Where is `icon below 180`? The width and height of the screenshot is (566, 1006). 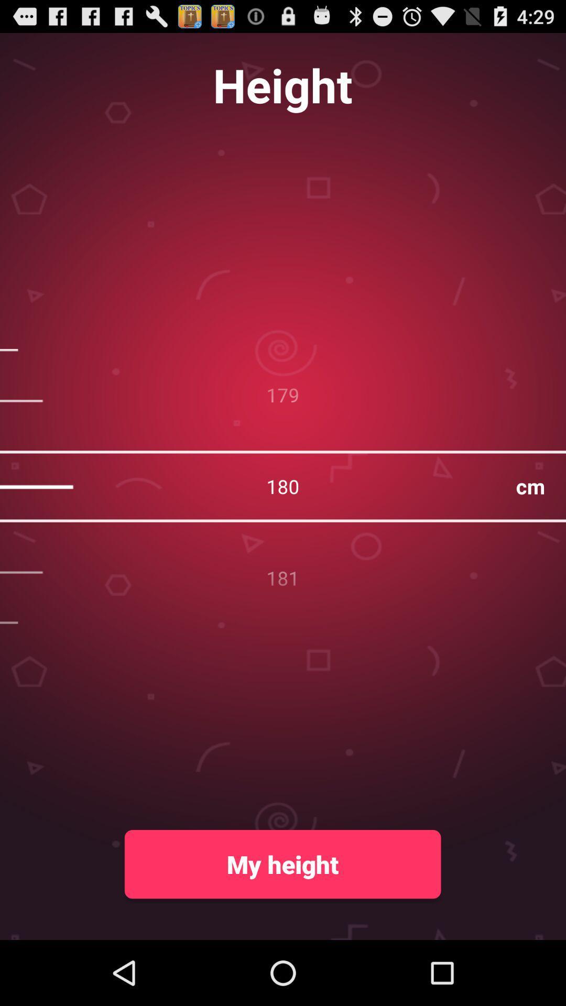 icon below 180 is located at coordinates (282, 864).